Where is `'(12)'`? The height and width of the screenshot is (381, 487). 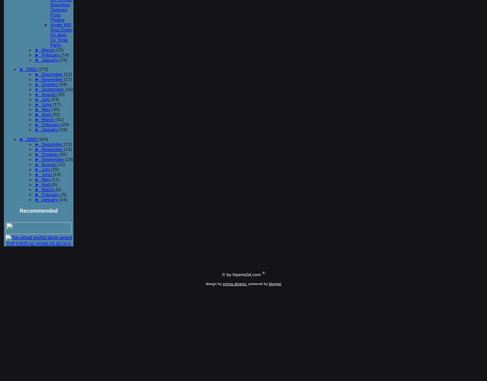
'(12)' is located at coordinates (68, 74).